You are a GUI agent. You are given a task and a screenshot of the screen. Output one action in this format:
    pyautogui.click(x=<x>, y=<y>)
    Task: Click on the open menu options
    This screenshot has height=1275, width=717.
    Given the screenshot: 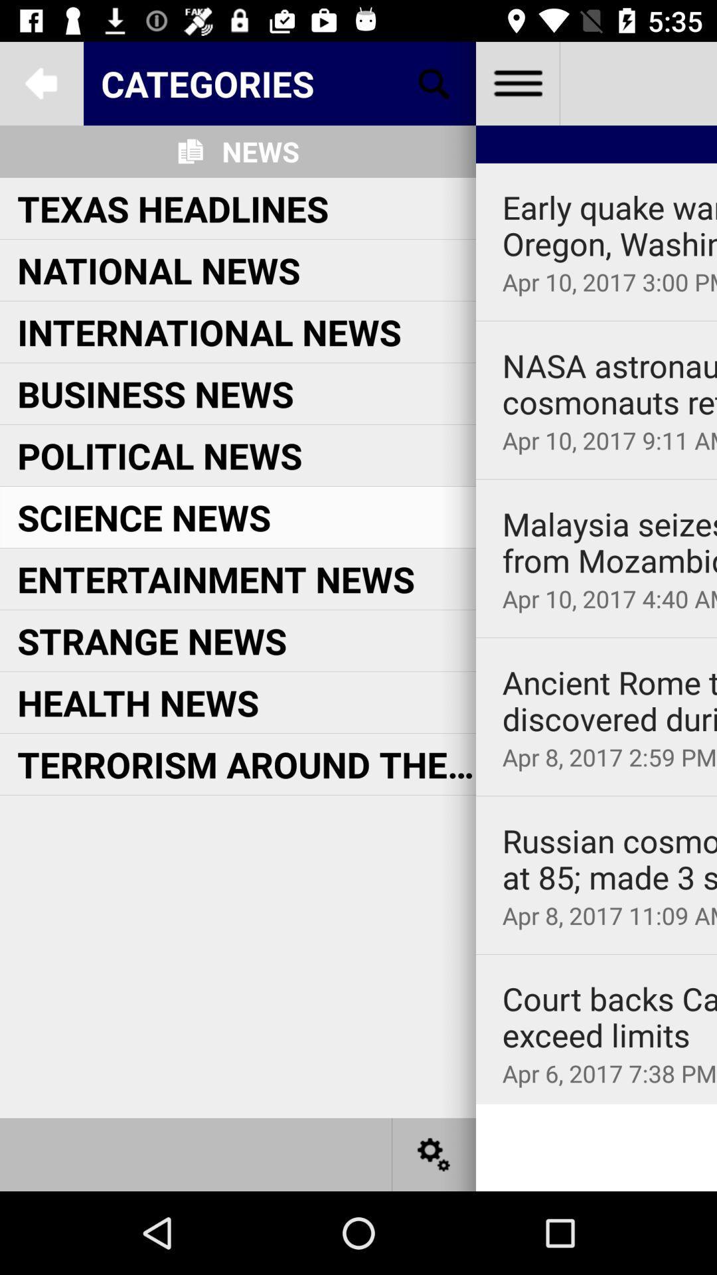 What is the action you would take?
    pyautogui.click(x=517, y=82)
    